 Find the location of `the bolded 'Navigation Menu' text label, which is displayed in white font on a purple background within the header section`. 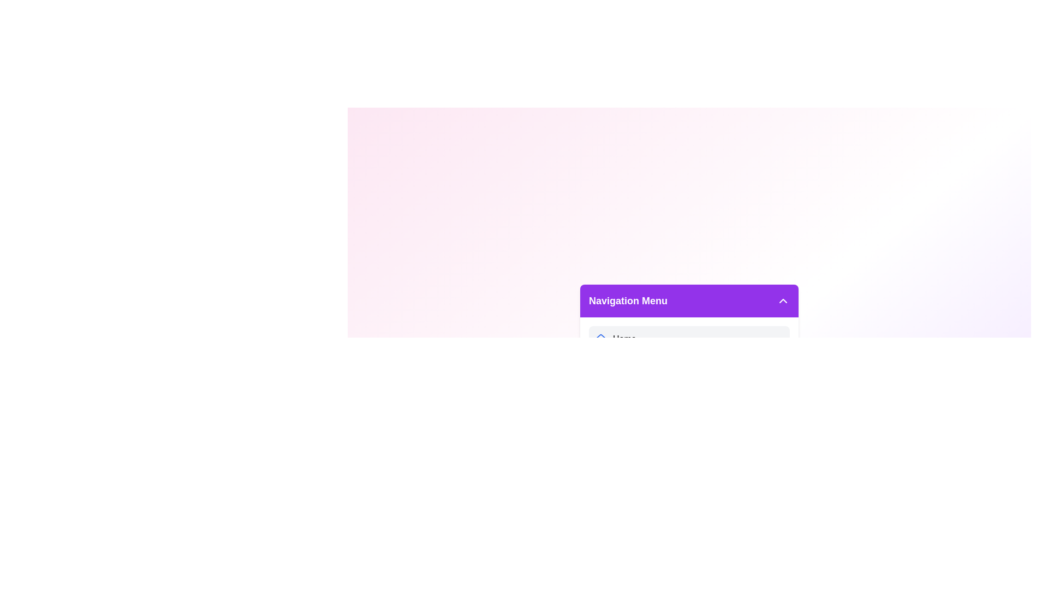

the bolded 'Navigation Menu' text label, which is displayed in white font on a purple background within the header section is located at coordinates (628, 301).